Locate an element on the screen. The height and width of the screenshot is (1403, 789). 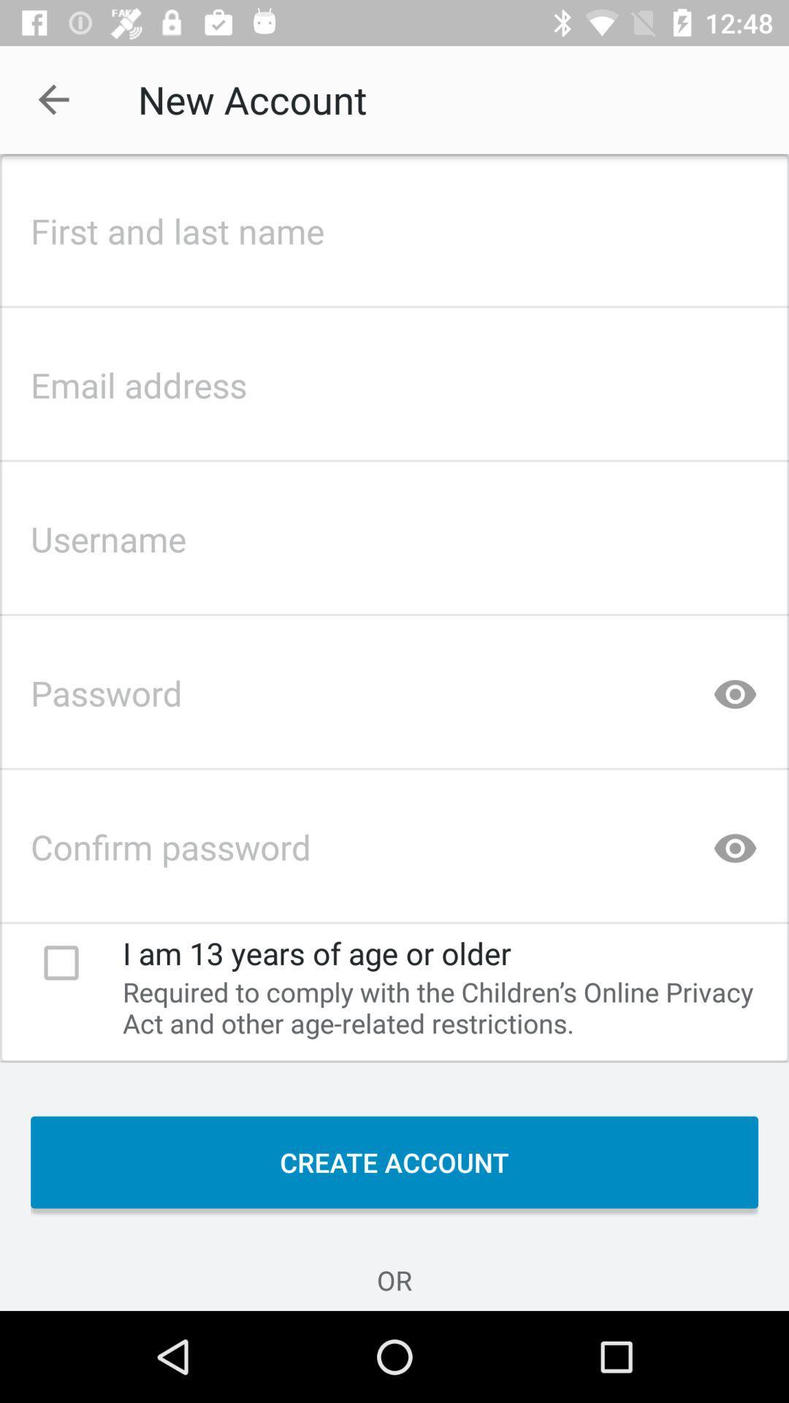
email address field is located at coordinates (394, 381).